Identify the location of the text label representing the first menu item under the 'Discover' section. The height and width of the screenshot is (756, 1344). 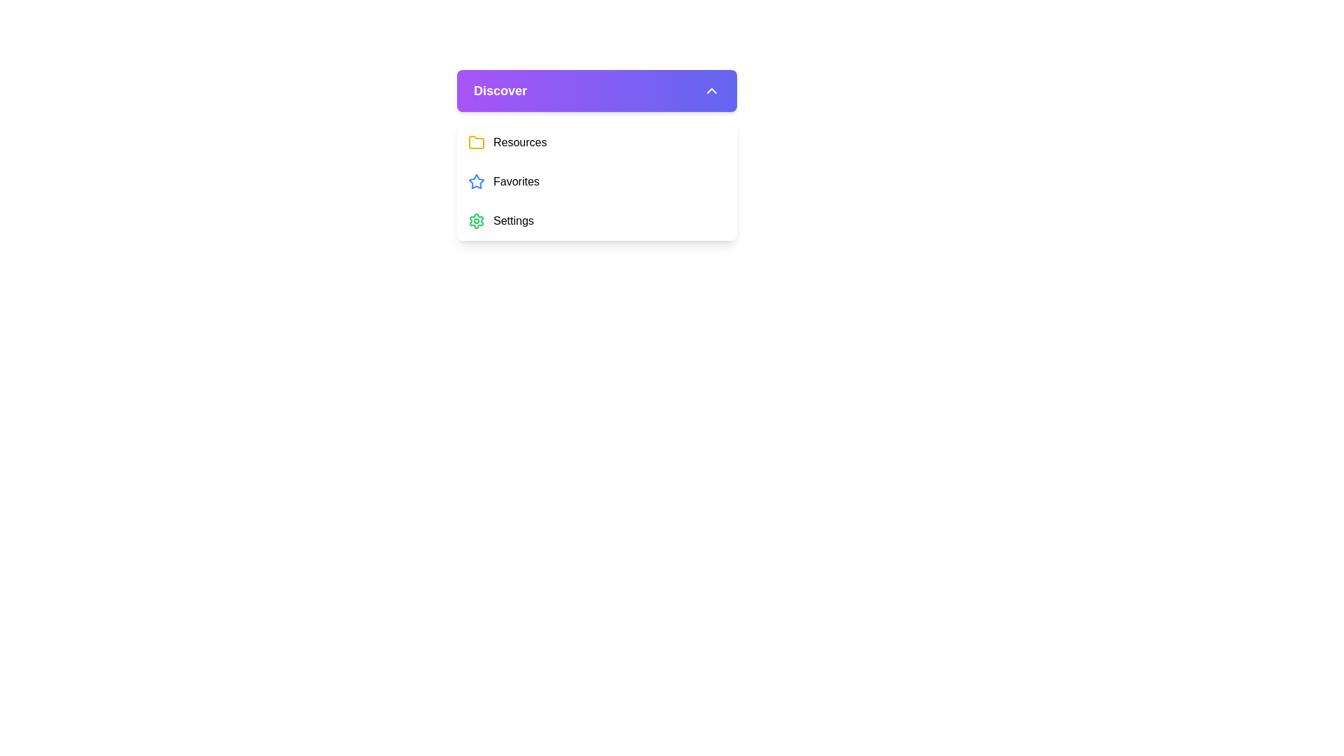
(519, 143).